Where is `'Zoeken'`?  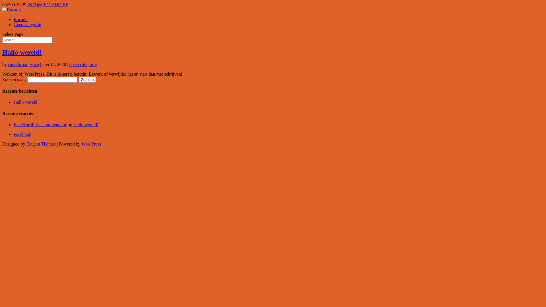 'Zoeken' is located at coordinates (78, 80).